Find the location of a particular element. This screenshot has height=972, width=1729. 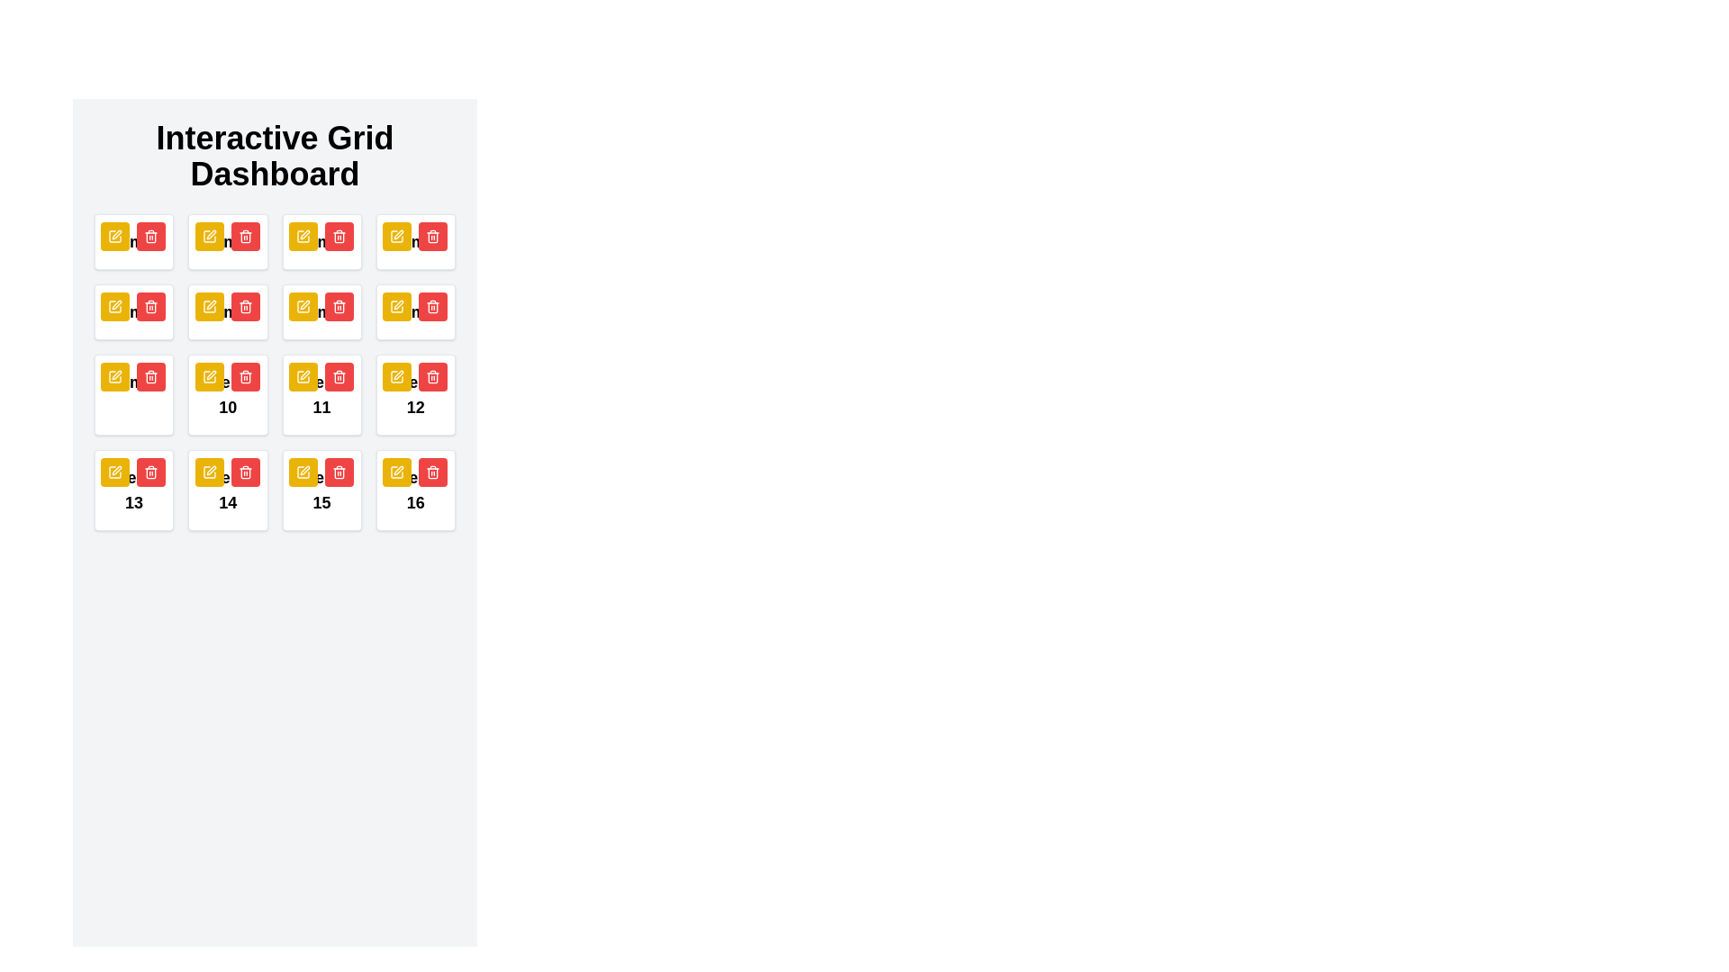

the red delete button on the interactive card located in the third row and third column of the grid is located at coordinates (321, 394).